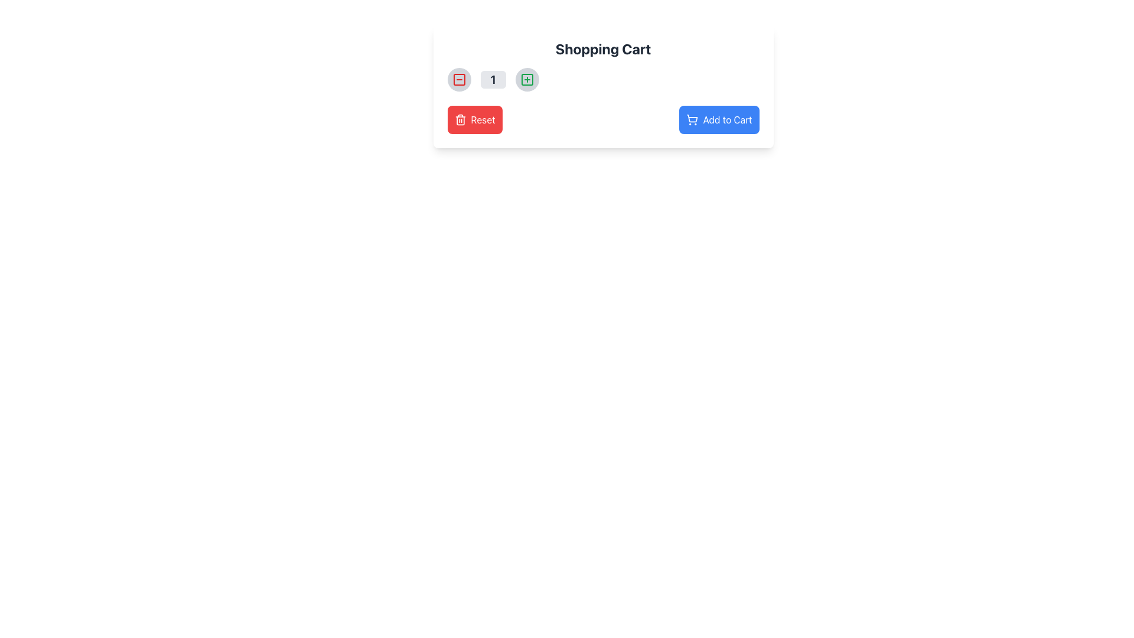 The image size is (1134, 638). What do you see at coordinates (493, 80) in the screenshot?
I see `the static textual display that shows the quantity or count, located below the 'Shopping Cart' header and between the minus and plus circular buttons` at bounding box center [493, 80].